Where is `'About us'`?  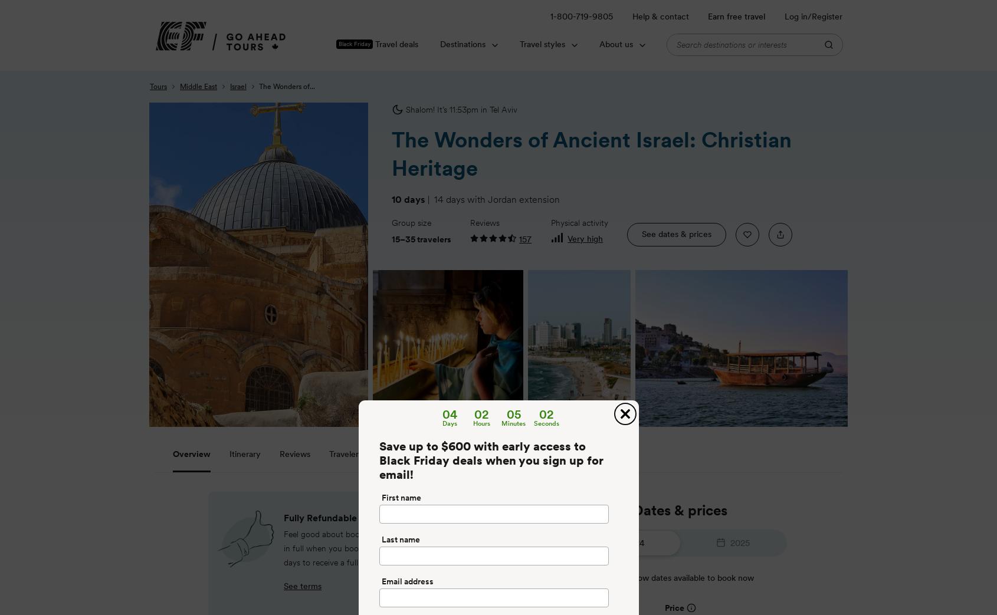 'About us' is located at coordinates (615, 43).